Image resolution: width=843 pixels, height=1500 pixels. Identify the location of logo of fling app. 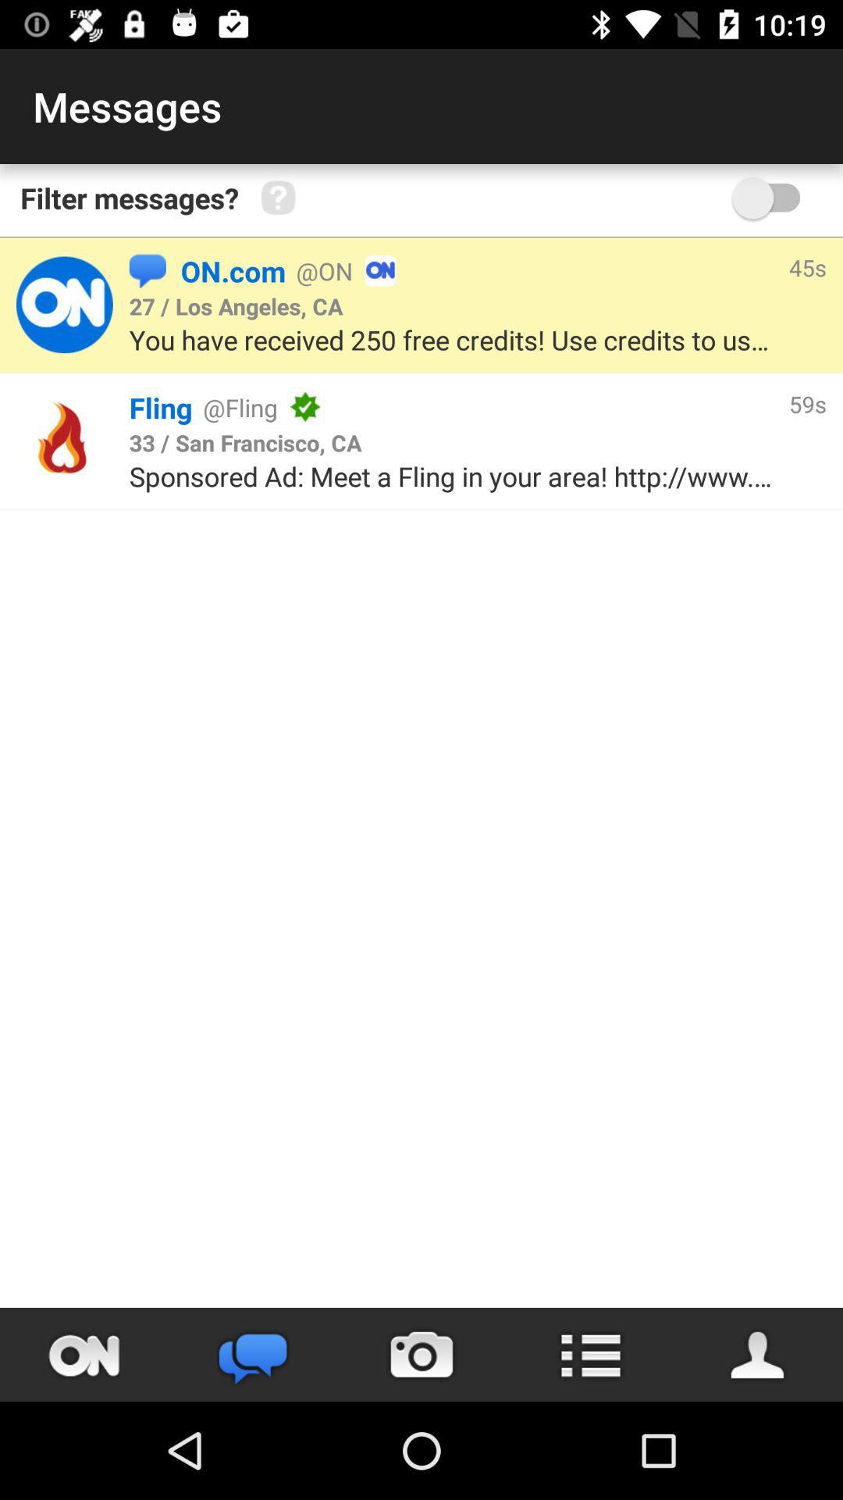
(63, 441).